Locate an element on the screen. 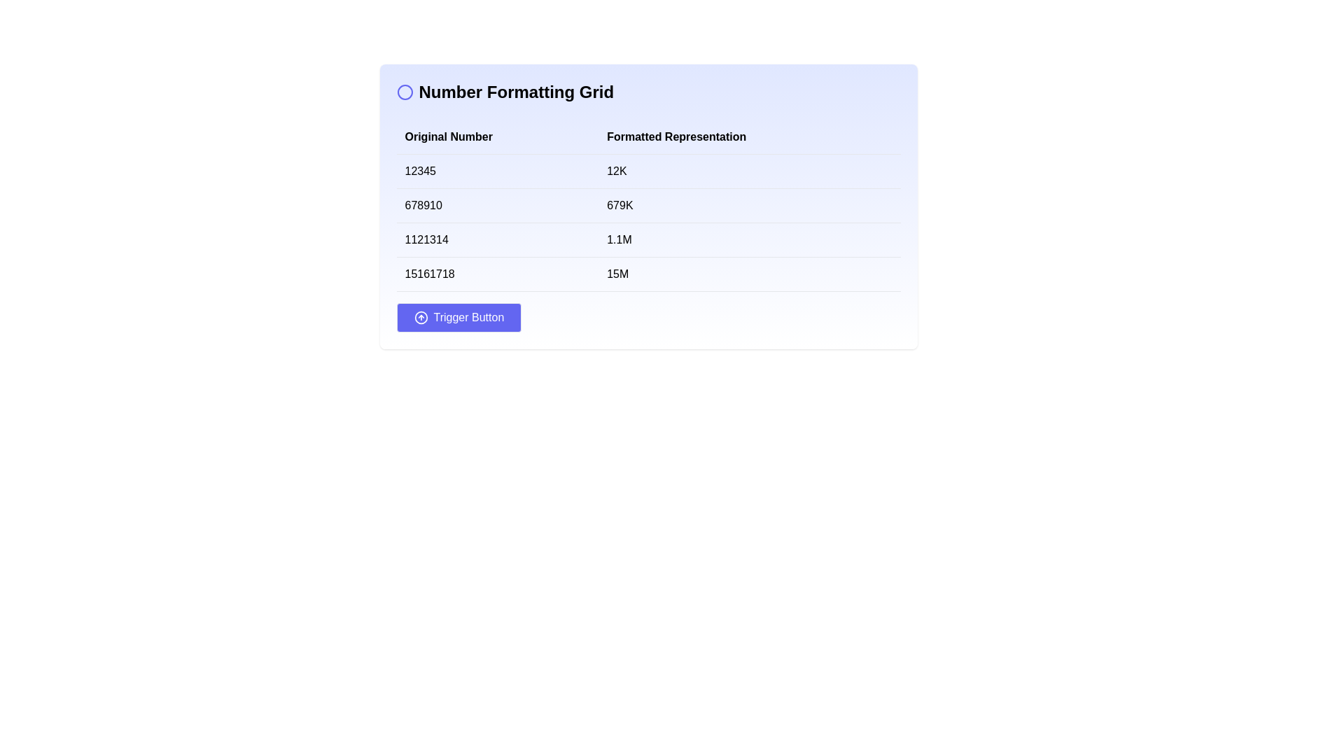 Image resolution: width=1344 pixels, height=756 pixels. the Data cell displaying the original number '12345' located at the leftmost end of the first row in the data grid under the column labeled 'Original Number' is located at coordinates (497, 171).